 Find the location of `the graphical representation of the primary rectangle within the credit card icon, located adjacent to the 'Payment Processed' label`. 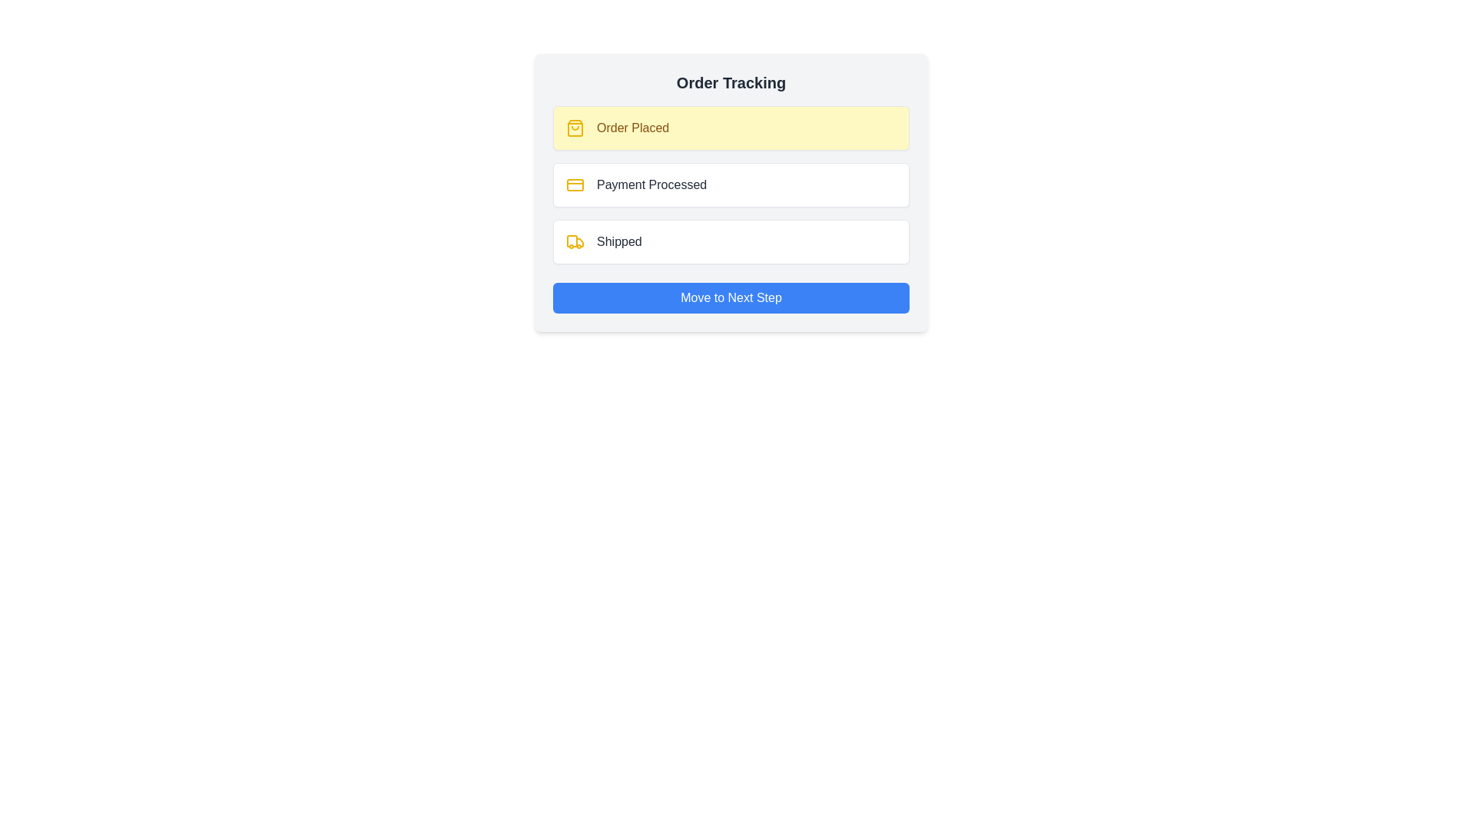

the graphical representation of the primary rectangle within the credit card icon, located adjacent to the 'Payment Processed' label is located at coordinates (574, 184).